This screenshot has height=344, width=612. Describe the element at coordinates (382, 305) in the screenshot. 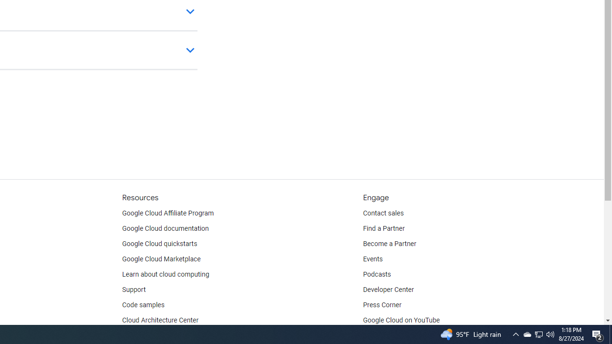

I see `'Press Corner'` at that location.